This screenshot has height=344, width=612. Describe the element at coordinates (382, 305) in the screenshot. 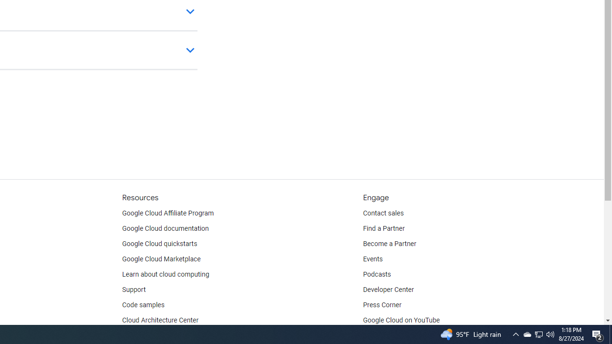

I see `'Press Corner'` at that location.